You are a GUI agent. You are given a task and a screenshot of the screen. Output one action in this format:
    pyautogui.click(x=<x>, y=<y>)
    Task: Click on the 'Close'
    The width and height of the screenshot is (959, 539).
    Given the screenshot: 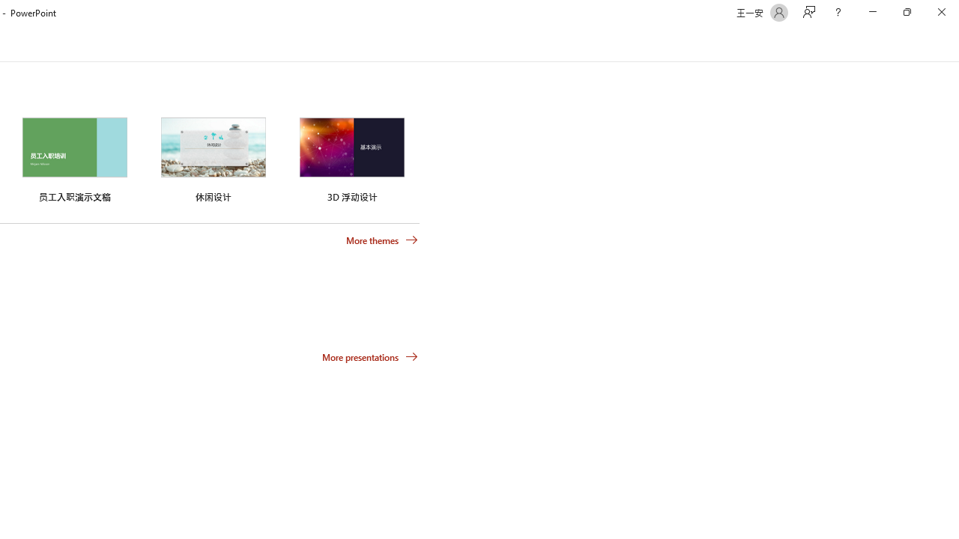 What is the action you would take?
    pyautogui.click(x=940, y=12)
    